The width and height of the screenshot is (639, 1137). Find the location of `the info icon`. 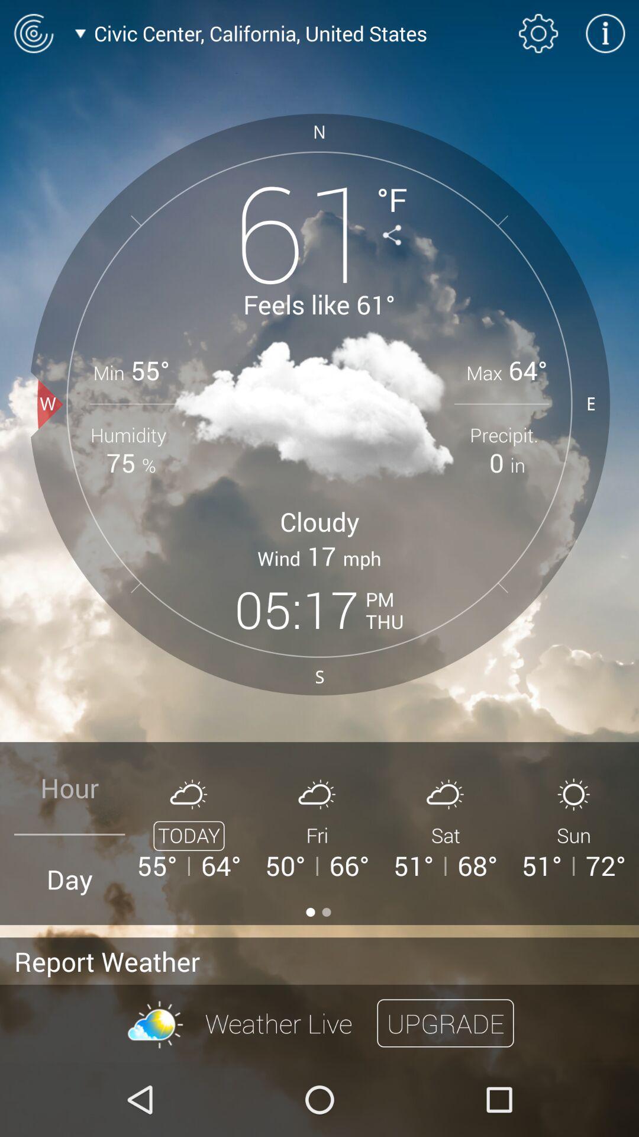

the info icon is located at coordinates (605, 33).